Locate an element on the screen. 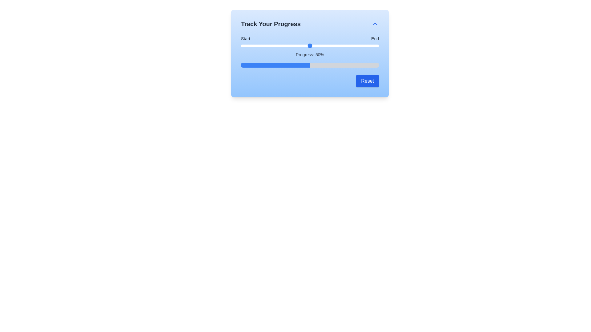 Image resolution: width=591 pixels, height=332 pixels. the slider element to focus it for keyboard interaction is located at coordinates (310, 45).